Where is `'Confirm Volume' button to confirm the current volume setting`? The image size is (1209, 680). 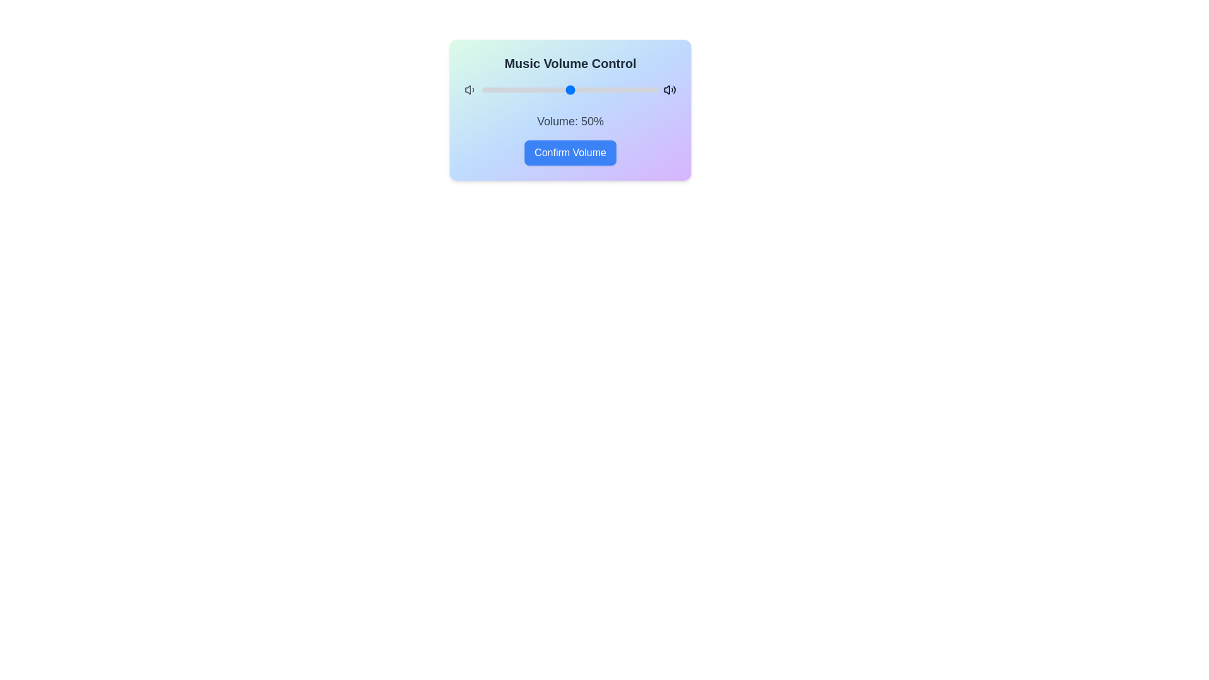 'Confirm Volume' button to confirm the current volume setting is located at coordinates (570, 152).